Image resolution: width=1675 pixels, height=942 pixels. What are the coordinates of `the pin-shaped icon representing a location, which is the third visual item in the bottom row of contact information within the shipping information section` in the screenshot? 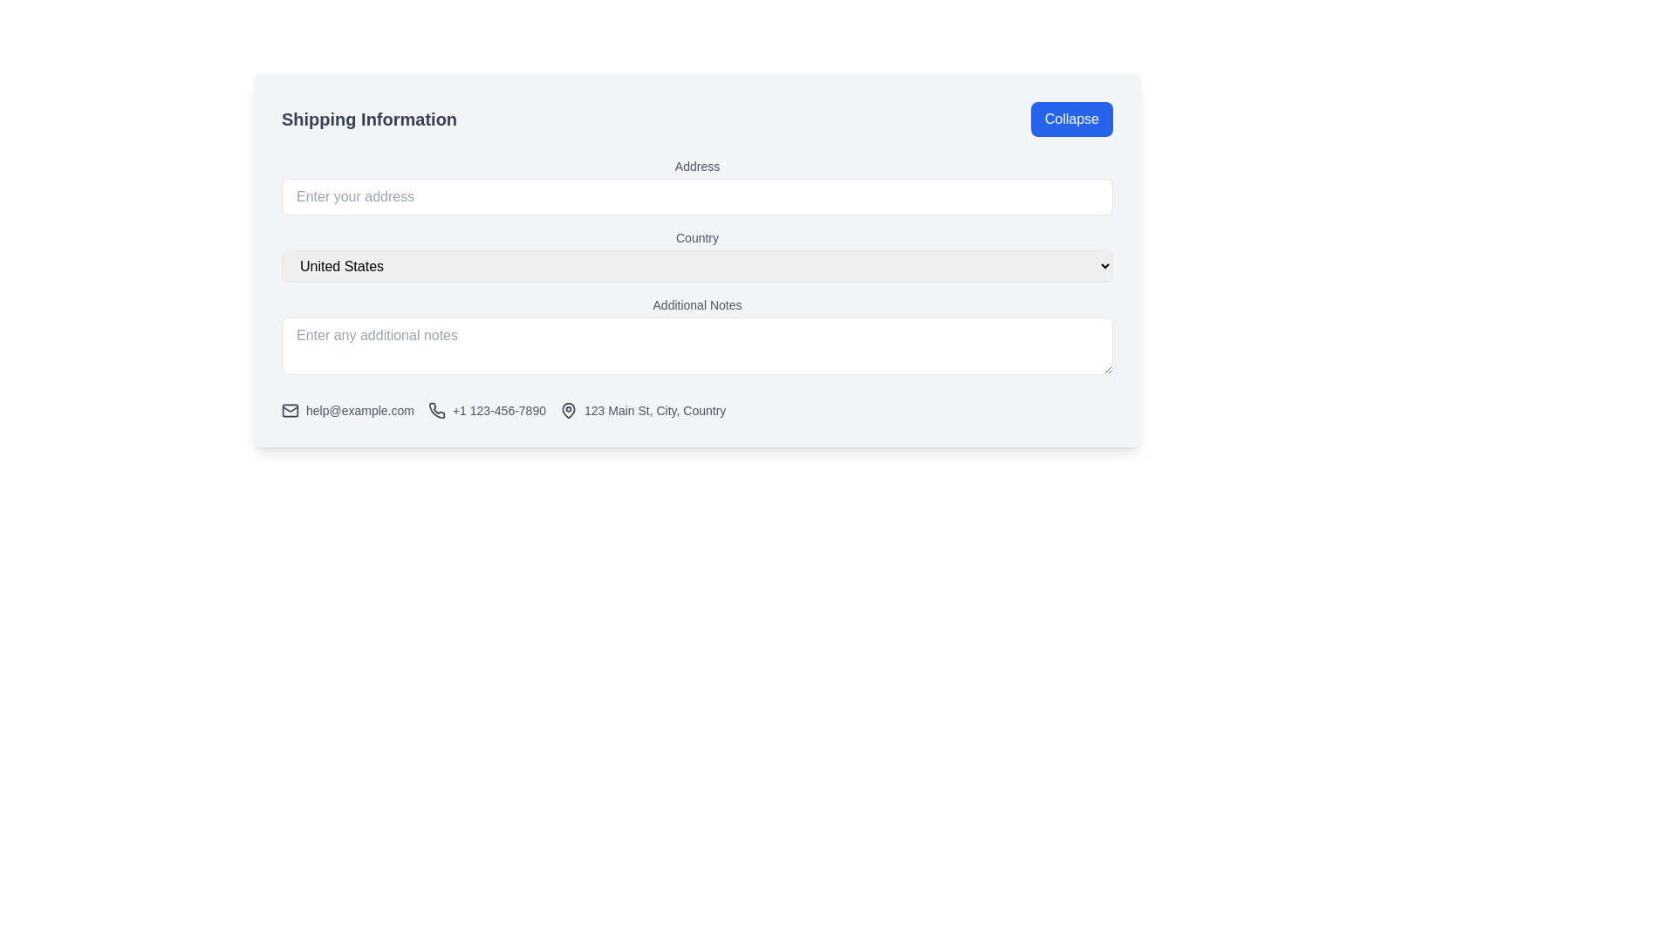 It's located at (569, 410).